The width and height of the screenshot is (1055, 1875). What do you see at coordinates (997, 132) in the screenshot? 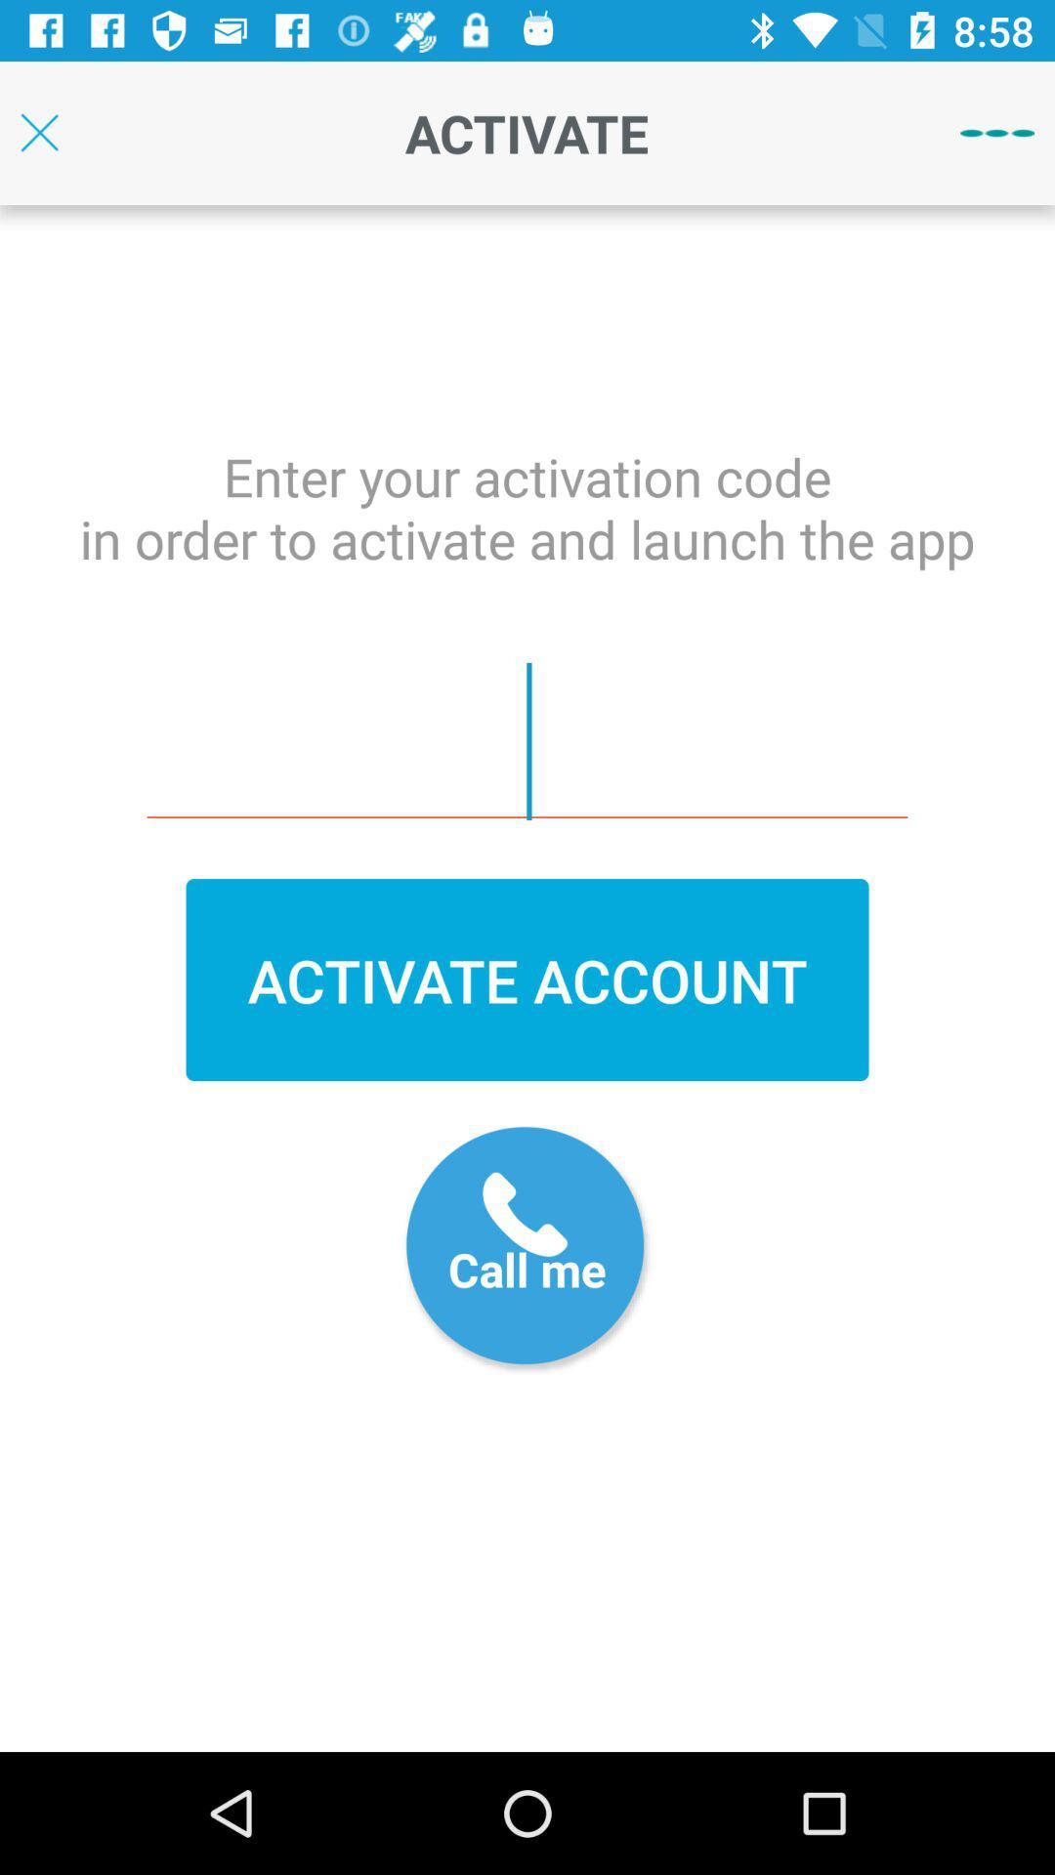
I see `open settings and options` at bounding box center [997, 132].